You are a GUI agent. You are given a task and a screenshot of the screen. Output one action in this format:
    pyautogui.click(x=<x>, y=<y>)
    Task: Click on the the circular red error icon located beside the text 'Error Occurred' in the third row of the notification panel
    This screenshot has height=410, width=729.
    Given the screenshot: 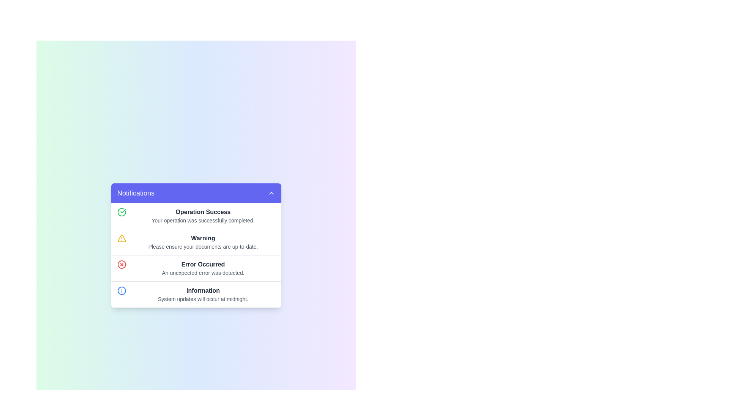 What is the action you would take?
    pyautogui.click(x=122, y=264)
    